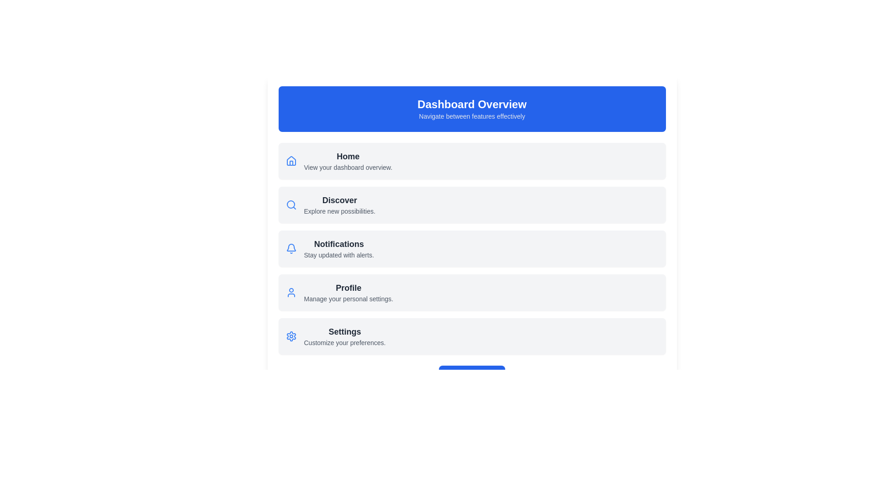  I want to click on the text block labeled 'Profile' that contains the subtitle 'Manage your personal settings.', so click(348, 292).